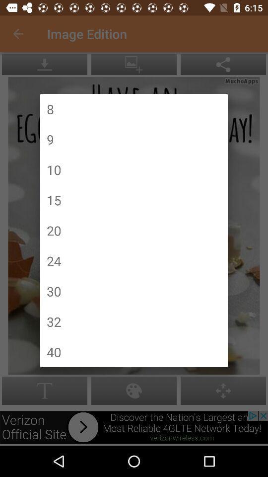 This screenshot has height=477, width=268. Describe the element at coordinates (54, 260) in the screenshot. I see `24 item` at that location.